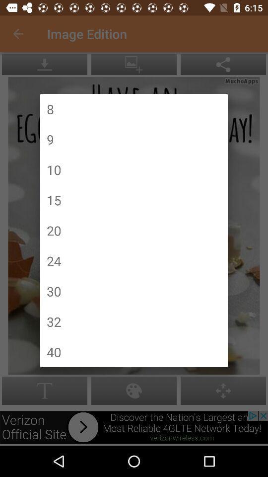 This screenshot has height=477, width=268. Describe the element at coordinates (54, 260) in the screenshot. I see `24 item` at that location.